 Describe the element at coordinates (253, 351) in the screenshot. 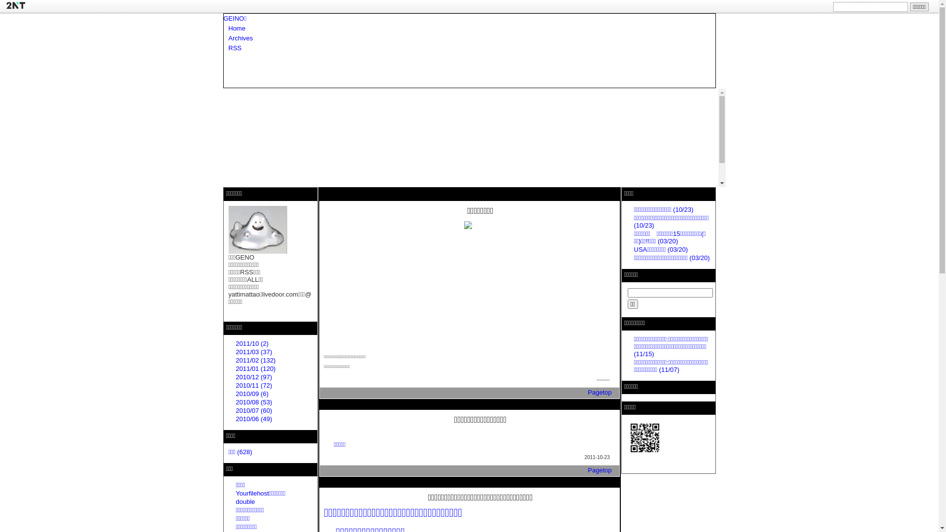

I see `'2011/03 (37)'` at that location.